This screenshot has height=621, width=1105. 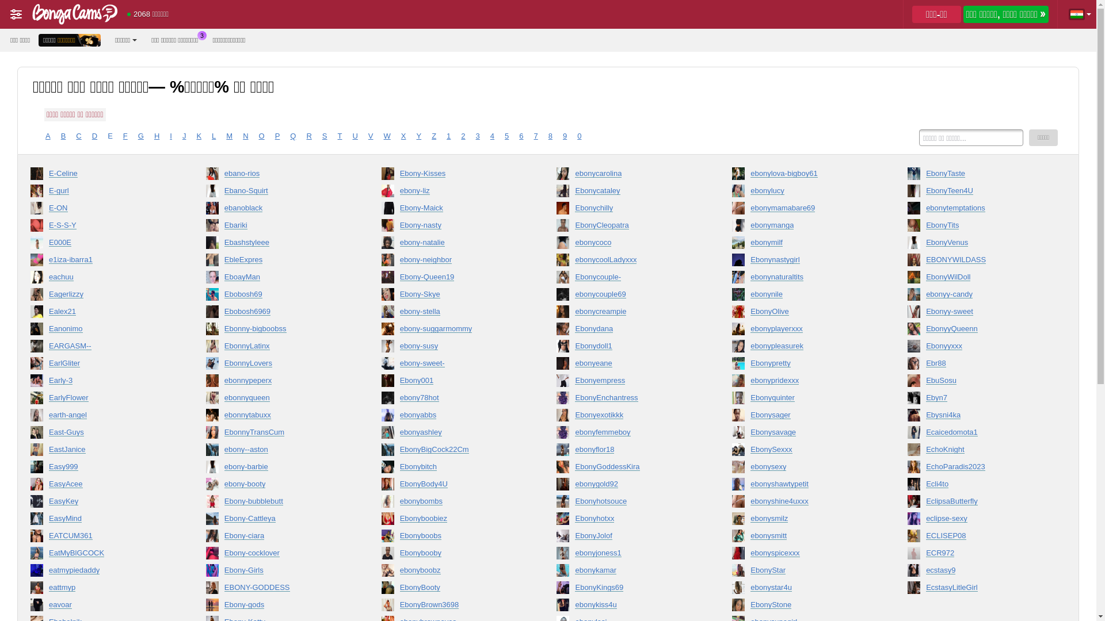 What do you see at coordinates (277, 503) in the screenshot?
I see `'Ebony-bubblebutt'` at bounding box center [277, 503].